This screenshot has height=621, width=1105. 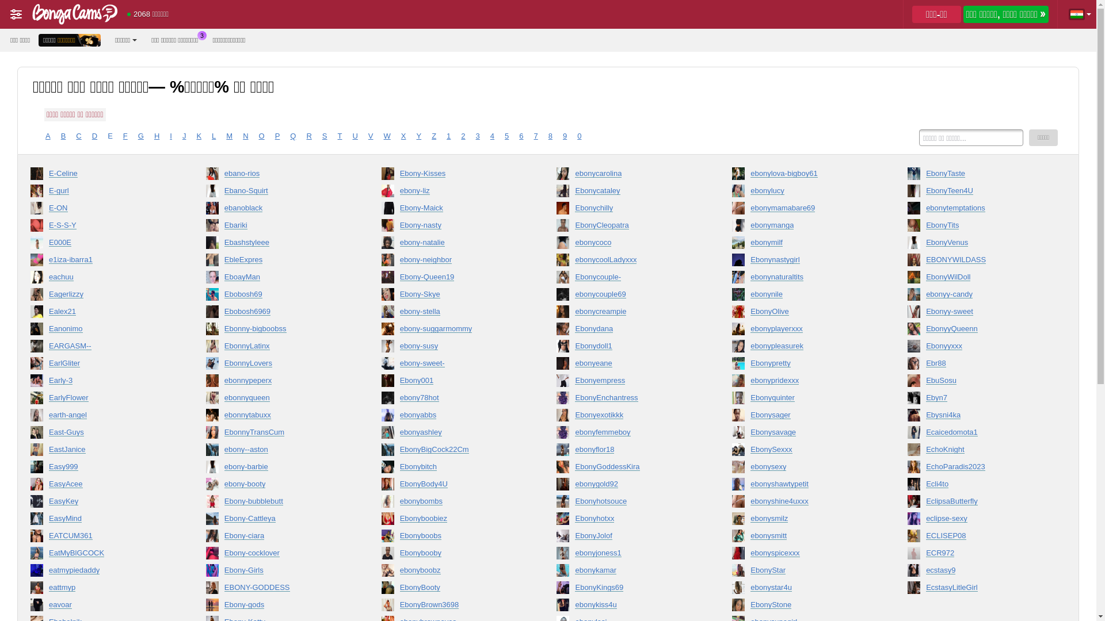 What do you see at coordinates (277, 503) in the screenshot?
I see `'Ebony-bubblebutt'` at bounding box center [277, 503].